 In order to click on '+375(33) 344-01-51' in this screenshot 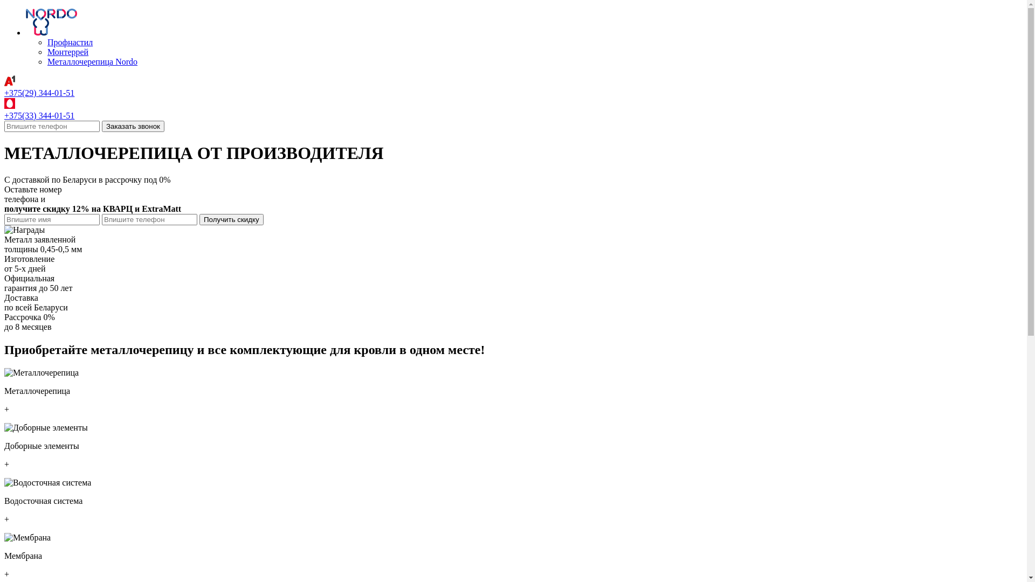, I will do `click(4, 115)`.